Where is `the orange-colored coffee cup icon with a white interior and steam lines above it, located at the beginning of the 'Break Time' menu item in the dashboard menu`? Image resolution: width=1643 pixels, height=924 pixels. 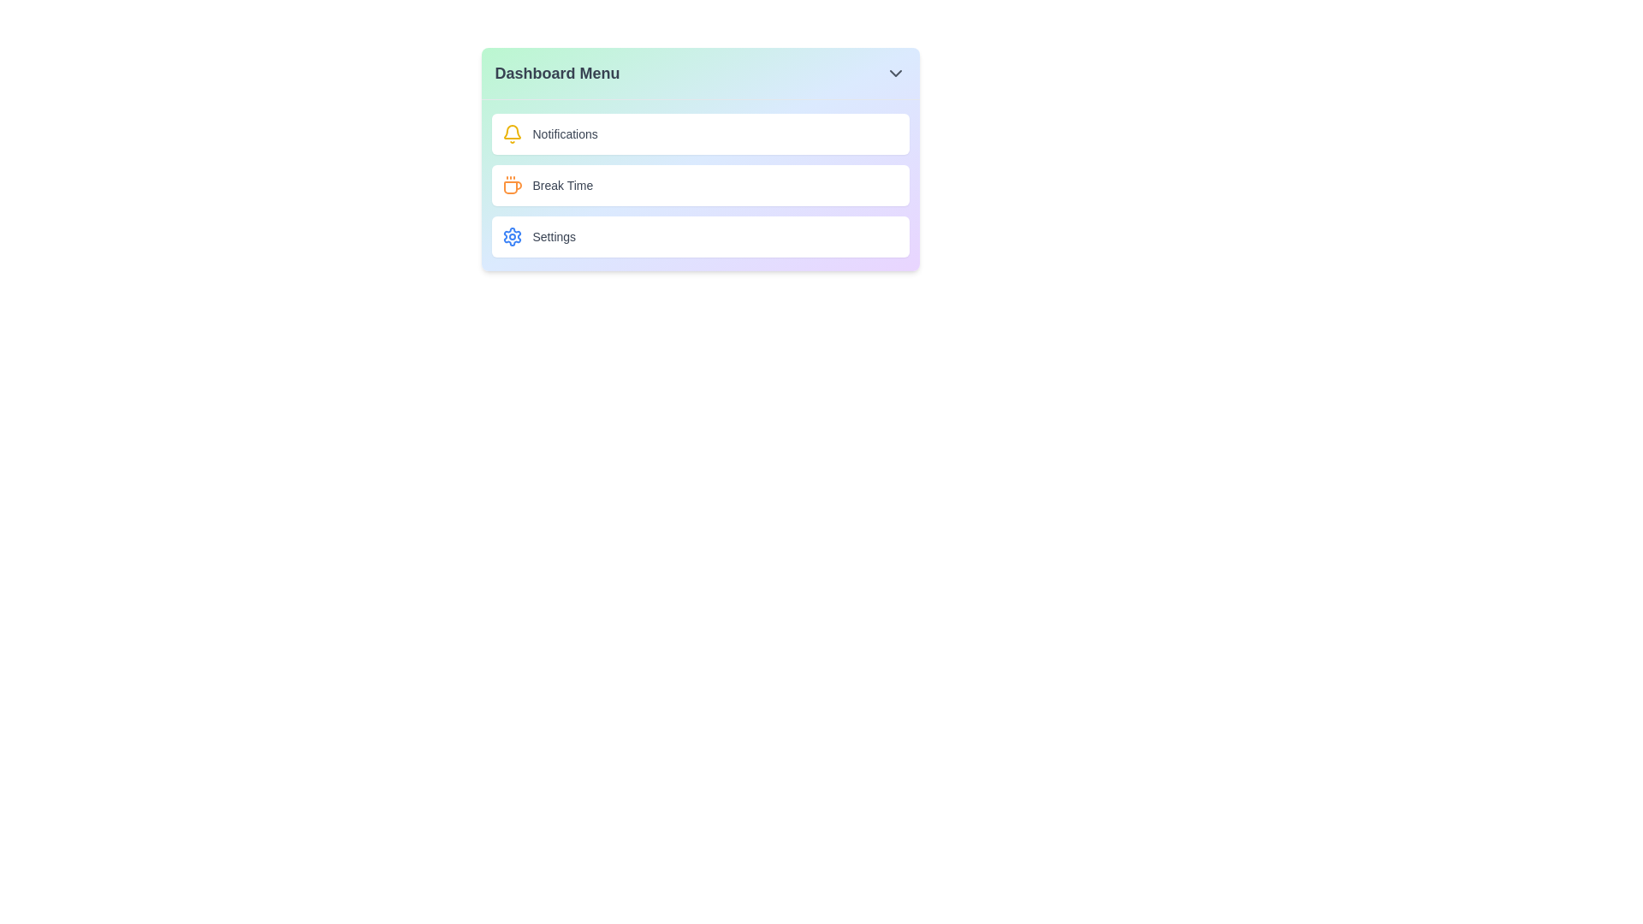
the orange-colored coffee cup icon with a white interior and steam lines above it, located at the beginning of the 'Break Time' menu item in the dashboard menu is located at coordinates (511, 185).